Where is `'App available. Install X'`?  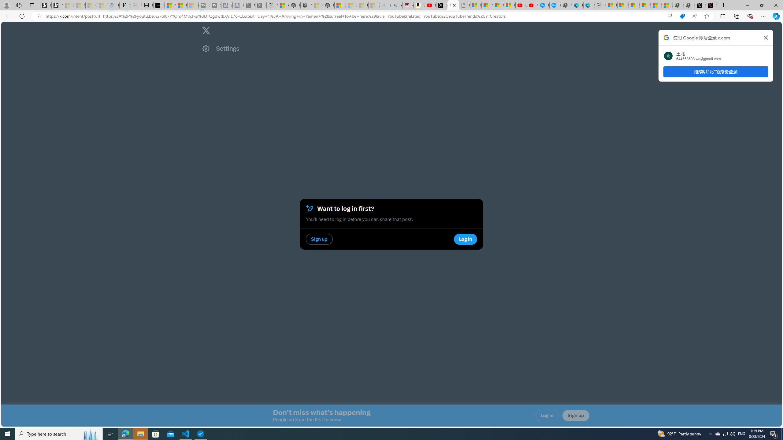 'App available. Install X' is located at coordinates (670, 16).